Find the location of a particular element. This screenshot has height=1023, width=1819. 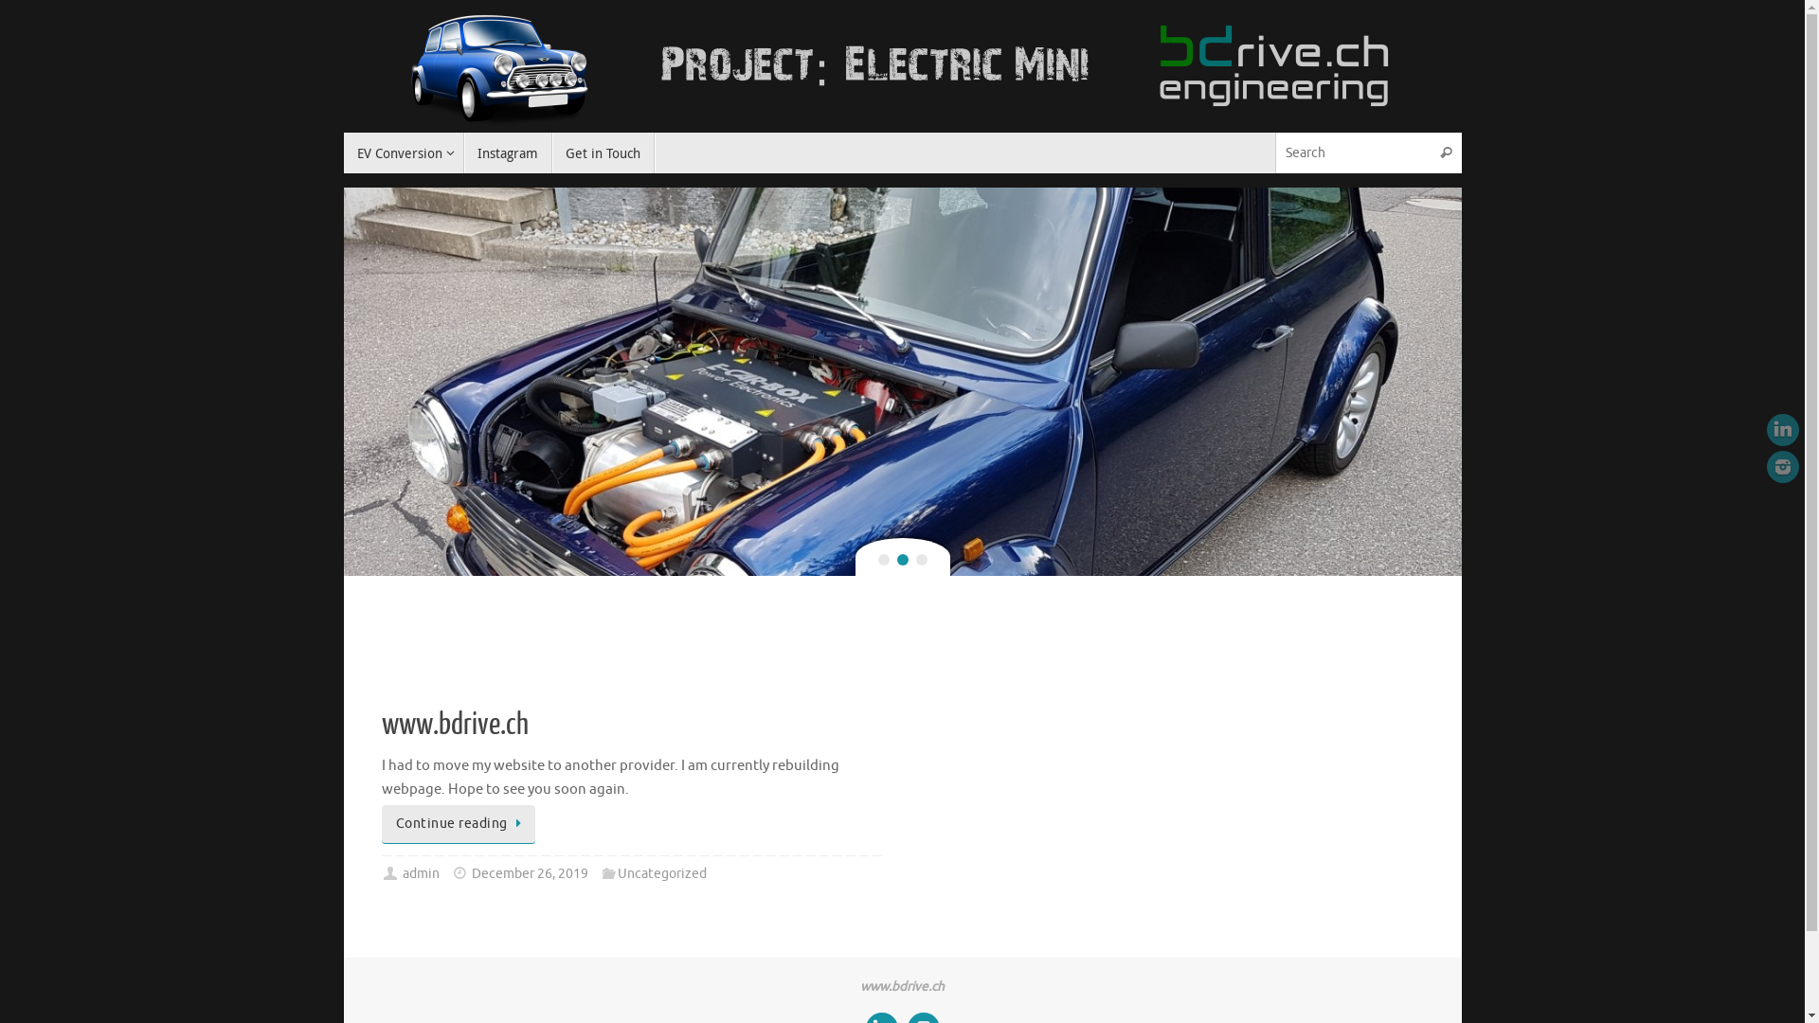

'3' is located at coordinates (921, 558).